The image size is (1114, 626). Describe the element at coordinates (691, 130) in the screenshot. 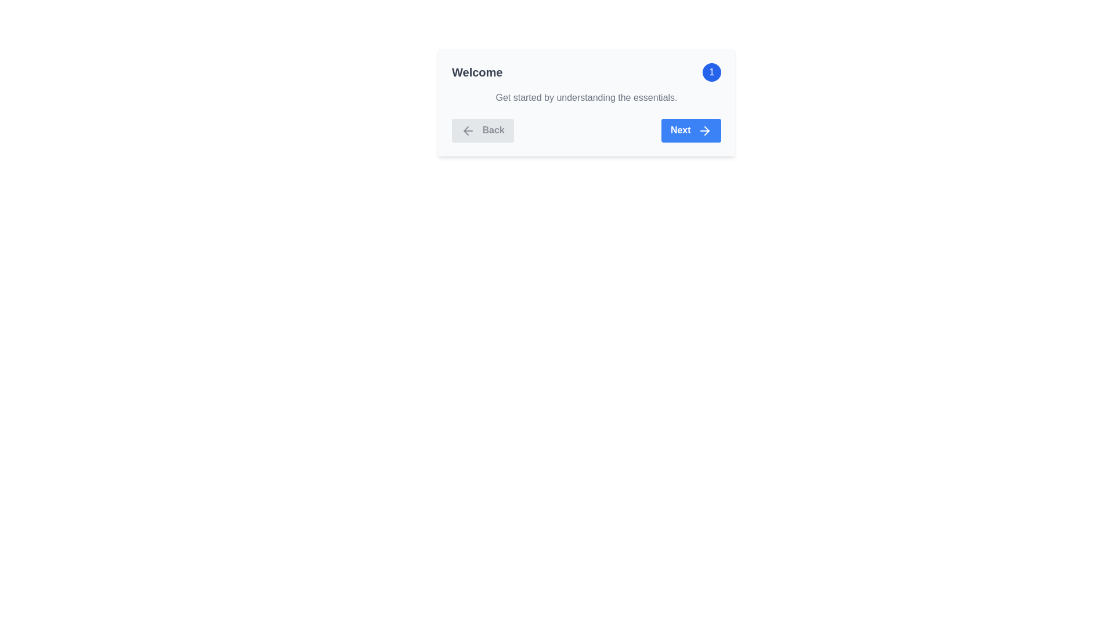

I see `the blue 'Next' button with rounded corners to observe the styling change` at that location.